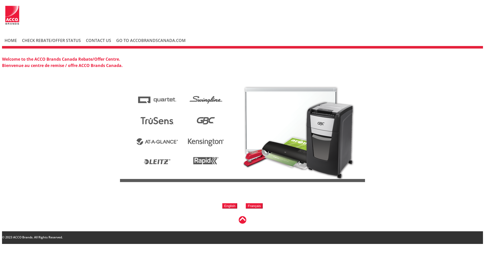 This screenshot has height=273, width=485. What do you see at coordinates (98, 40) in the screenshot?
I see `'CONTACT US'` at bounding box center [98, 40].